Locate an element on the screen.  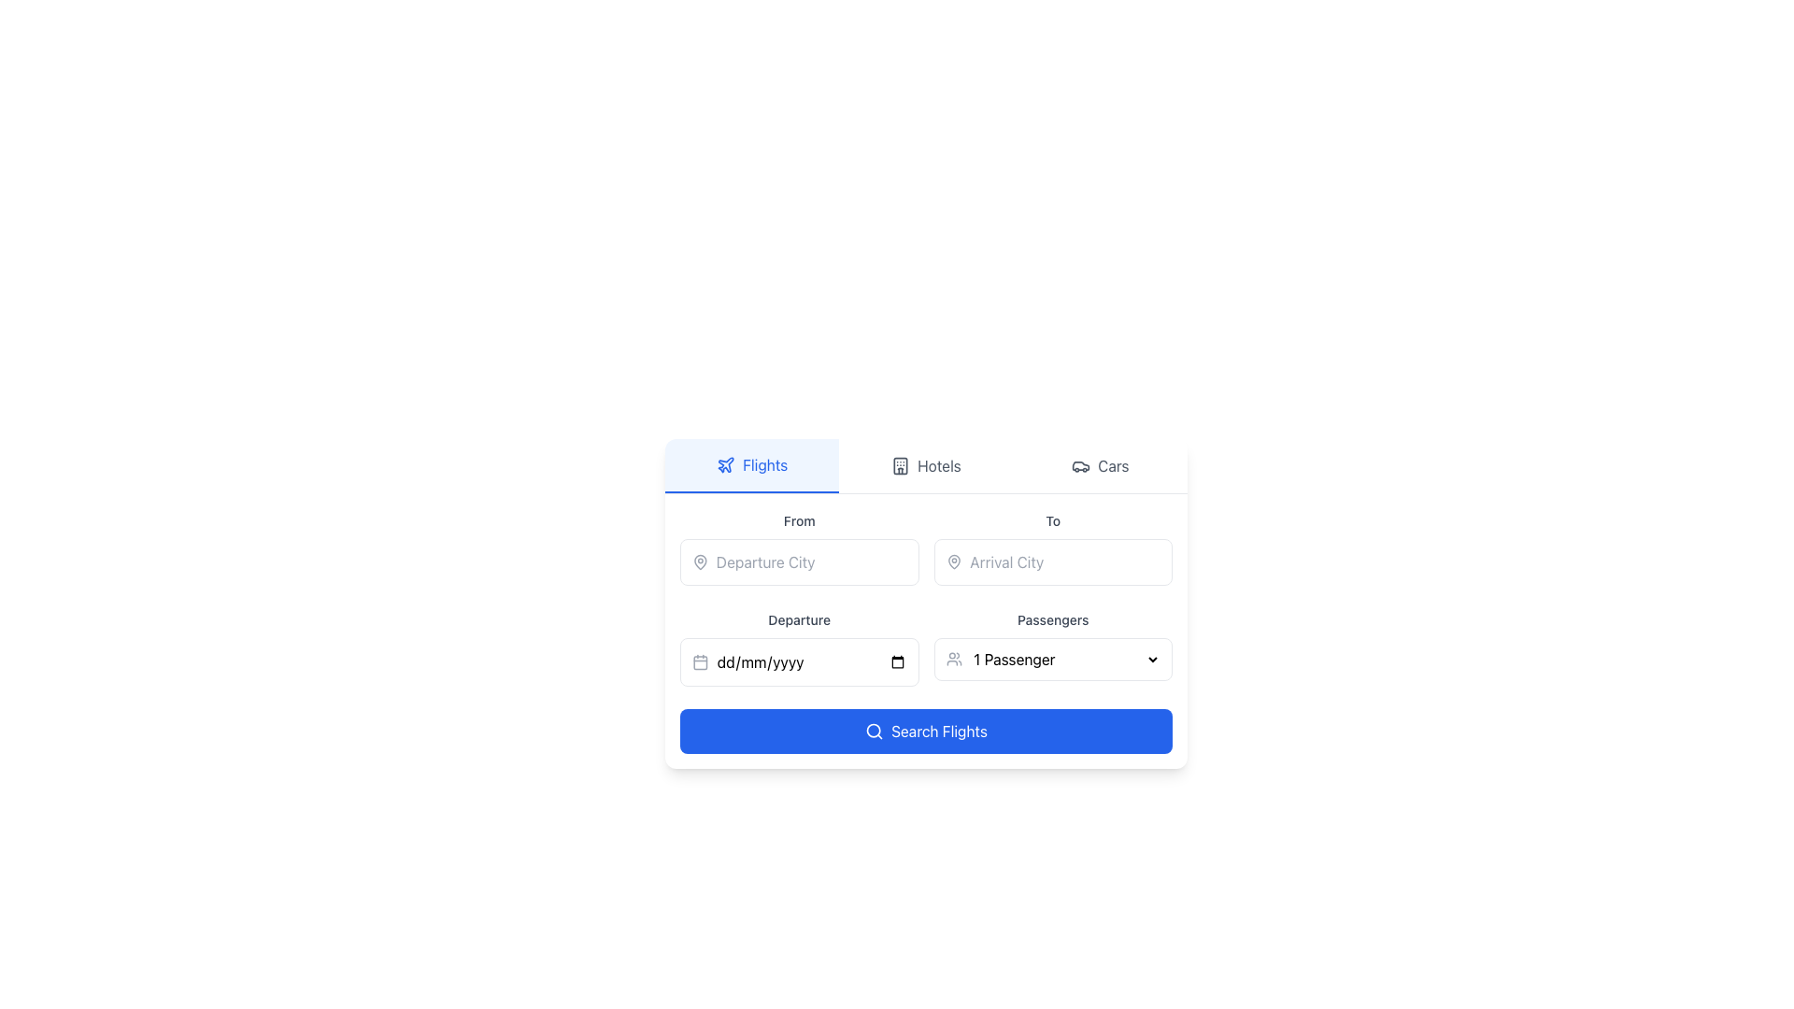
the Date input field for selecting a departure date, which is located beneath the 'From' and 'To' fields and adjacent to the 'Passengers' dropdown is located at coordinates (811, 661).